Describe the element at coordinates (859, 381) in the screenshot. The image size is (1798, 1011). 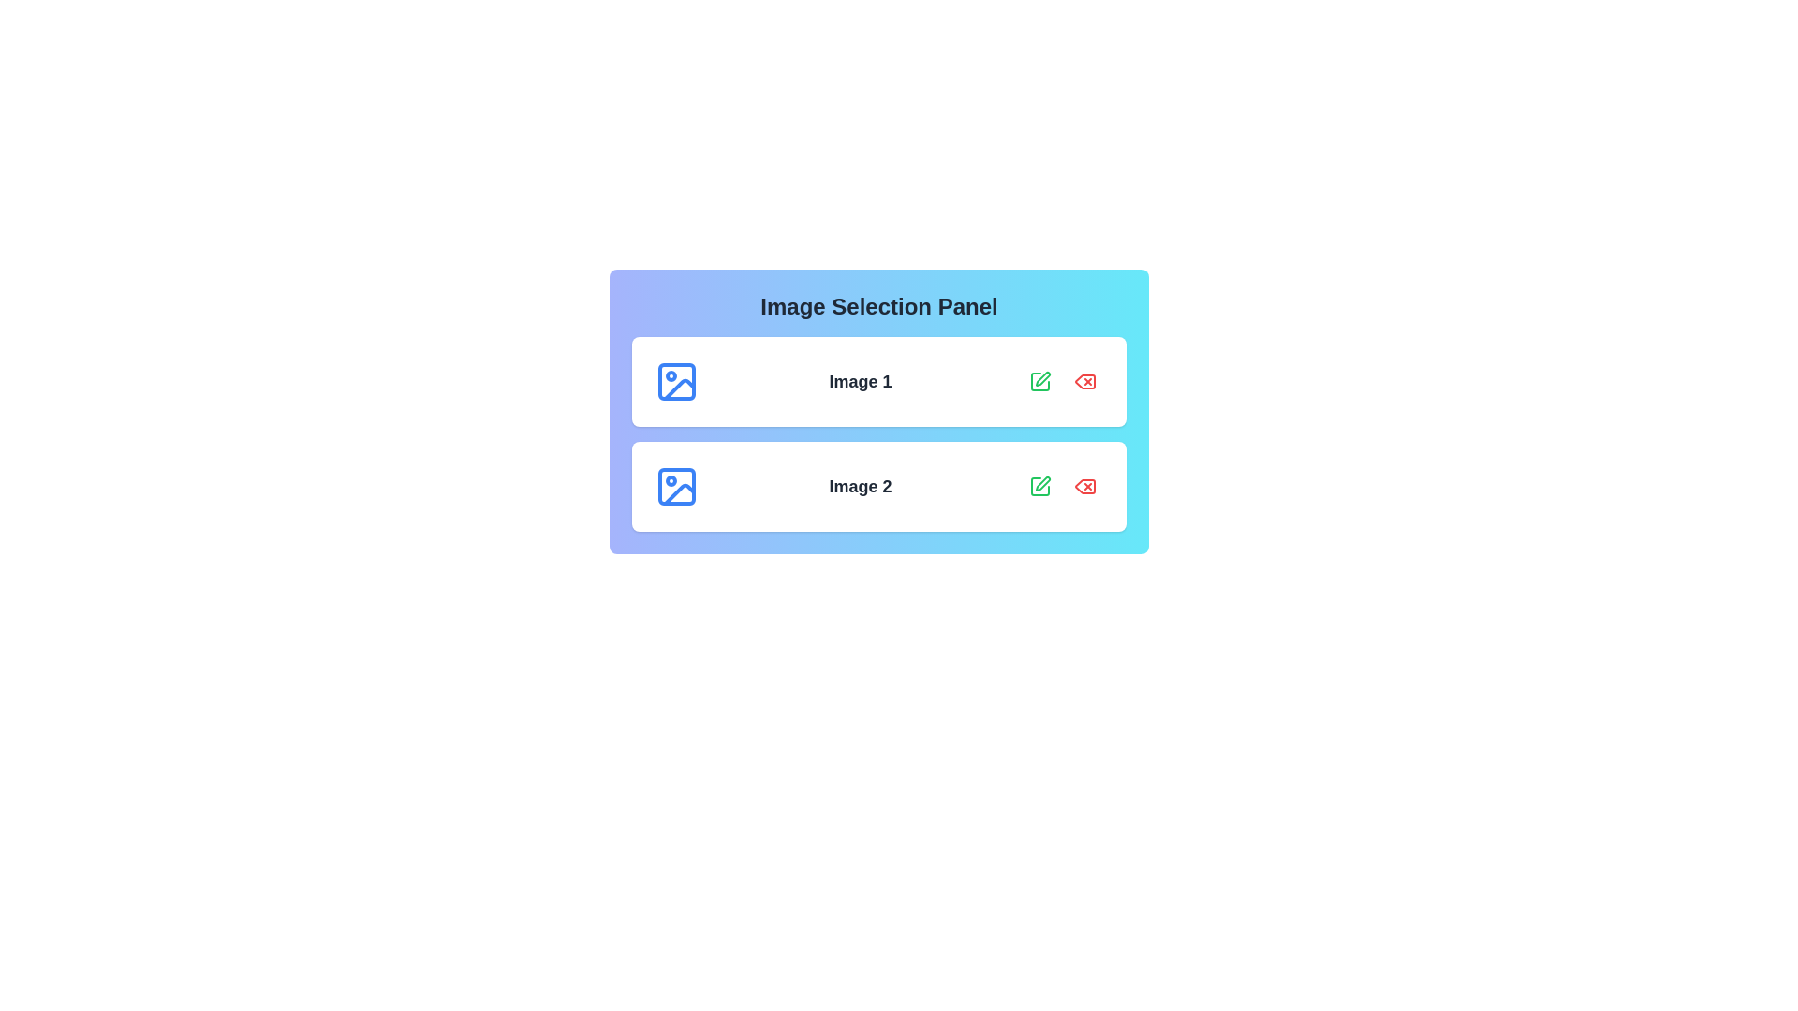
I see `the text label reading 'Image 1', which is displayed in bold and slightly larger font size in dark gray color on a white background card` at that location.